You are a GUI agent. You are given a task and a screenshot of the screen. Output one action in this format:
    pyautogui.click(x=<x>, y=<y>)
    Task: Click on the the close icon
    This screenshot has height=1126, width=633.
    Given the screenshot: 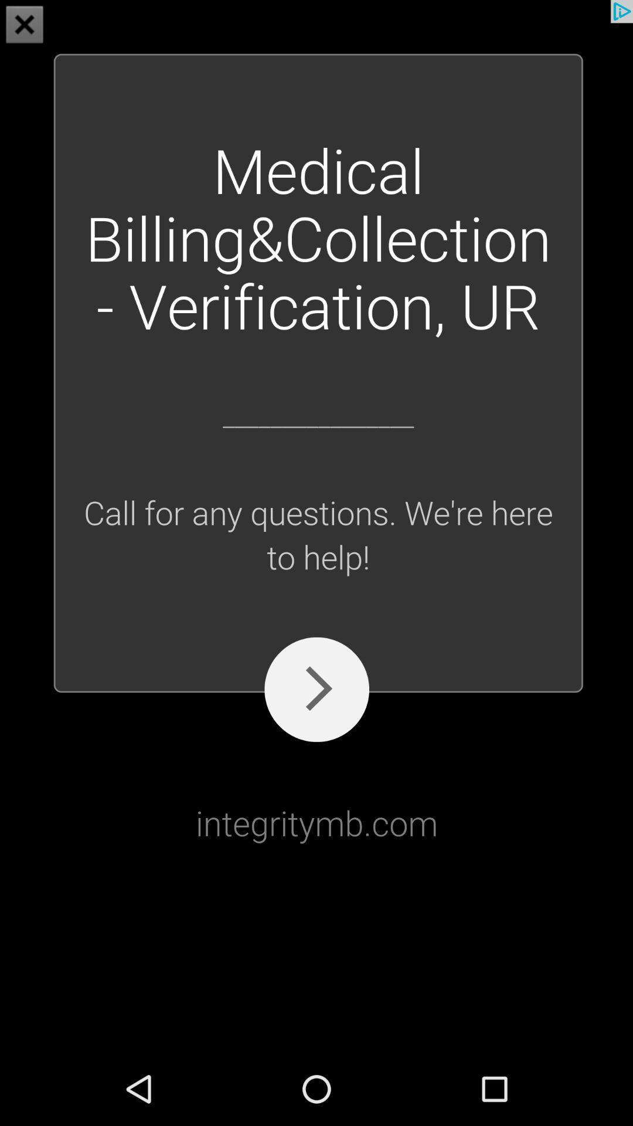 What is the action you would take?
    pyautogui.click(x=25, y=26)
    